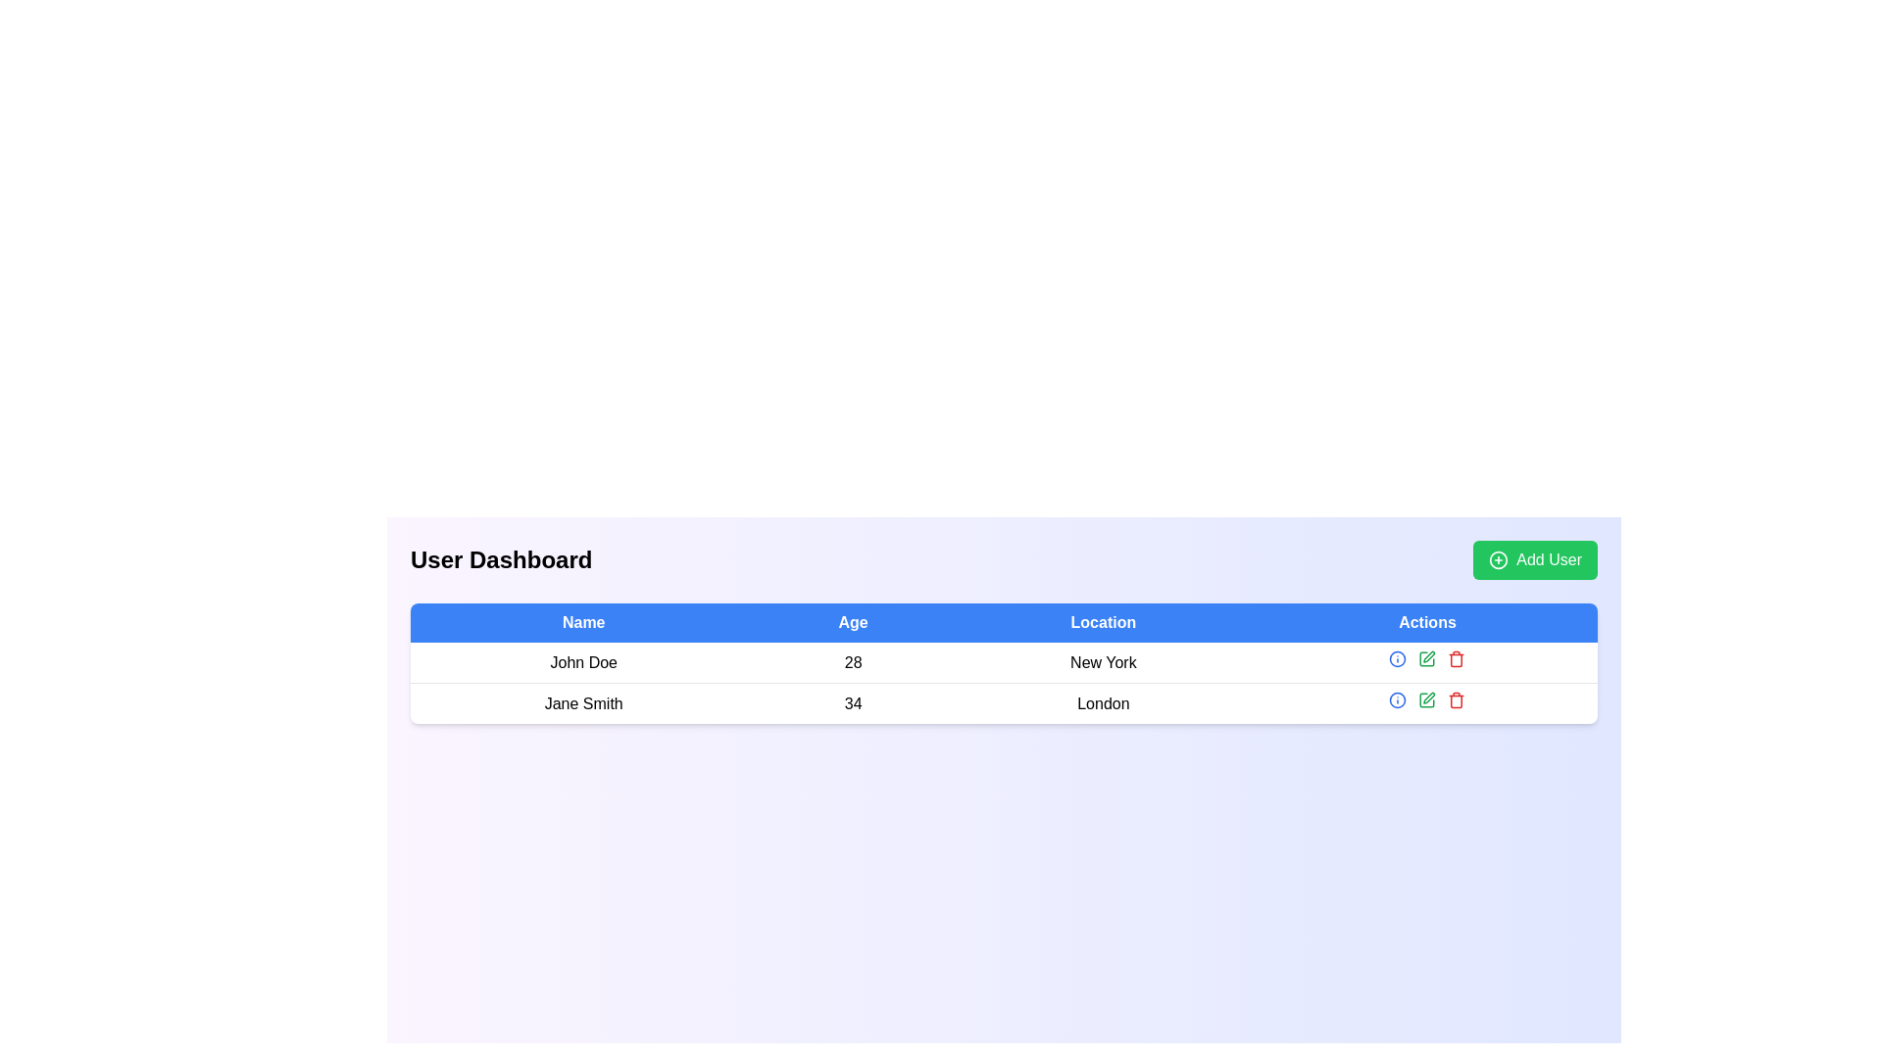 This screenshot has height=1058, width=1882. I want to click on the delete button located, so click(1457, 698).